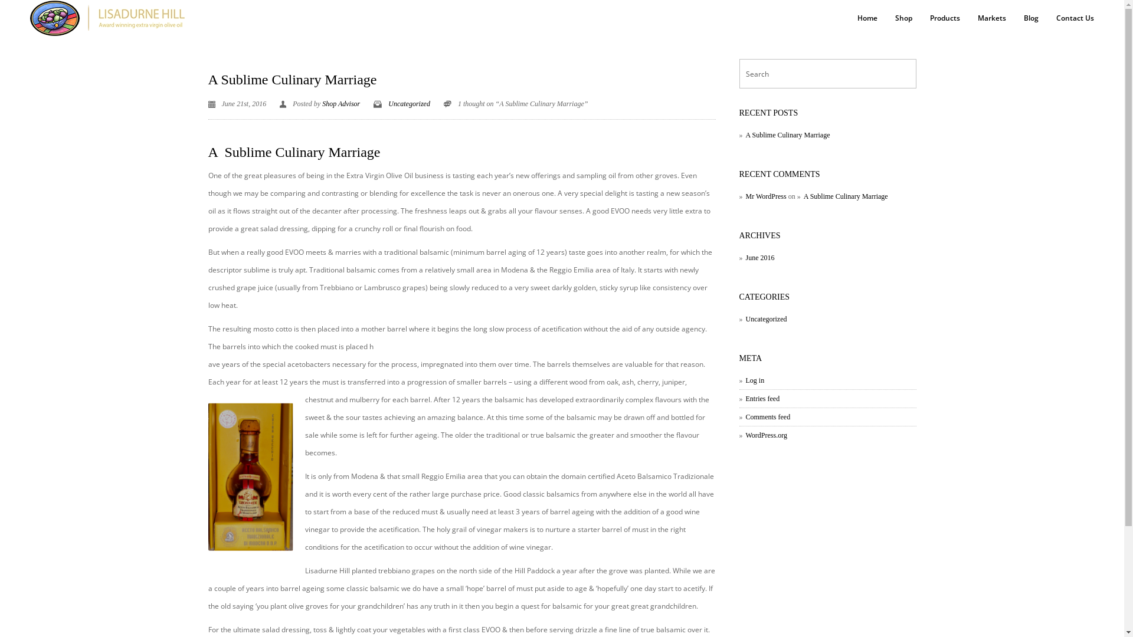  Describe the element at coordinates (903, 18) in the screenshot. I see `'Shop'` at that location.